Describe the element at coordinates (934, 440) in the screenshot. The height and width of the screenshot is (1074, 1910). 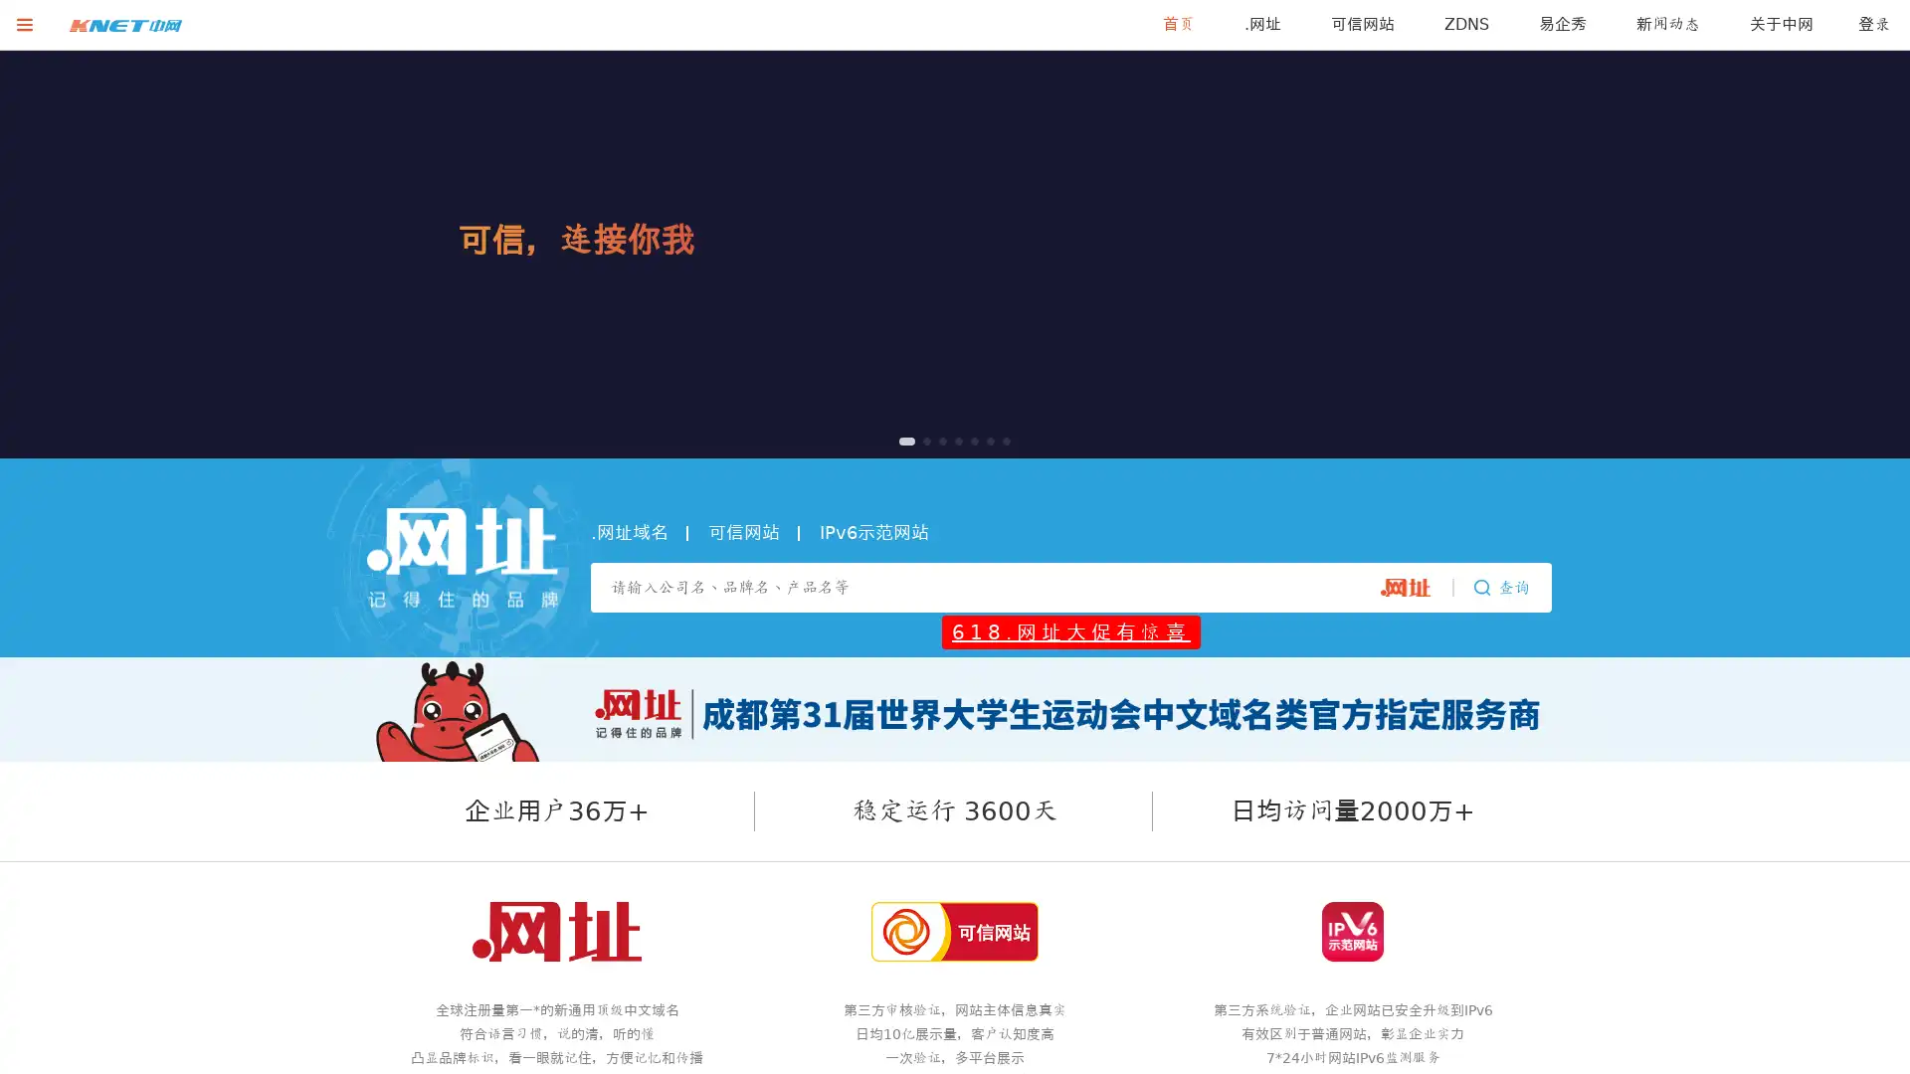
I see `Go to slide 3` at that location.